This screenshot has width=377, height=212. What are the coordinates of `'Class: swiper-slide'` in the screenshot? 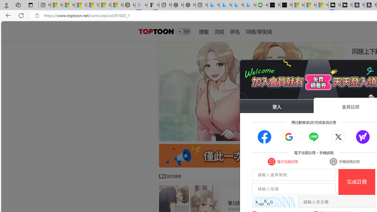 It's located at (252, 92).